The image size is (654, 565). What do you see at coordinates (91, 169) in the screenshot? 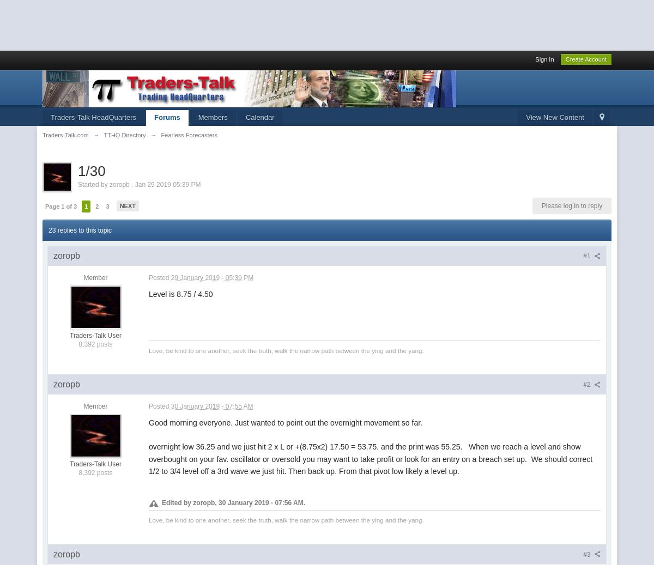
I see `'1/30'` at bounding box center [91, 169].